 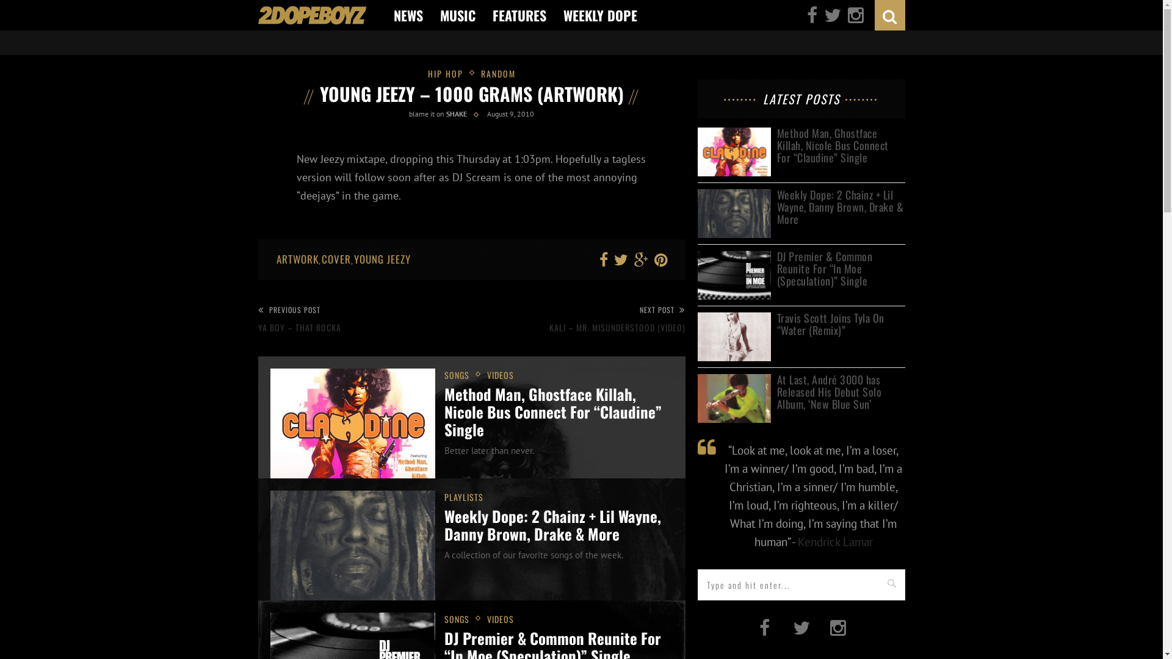 What do you see at coordinates (840, 206) in the screenshot?
I see `'Weekly Dope: 2 Chainz + Lil Wayne, Danny Brown, Drake & More'` at bounding box center [840, 206].